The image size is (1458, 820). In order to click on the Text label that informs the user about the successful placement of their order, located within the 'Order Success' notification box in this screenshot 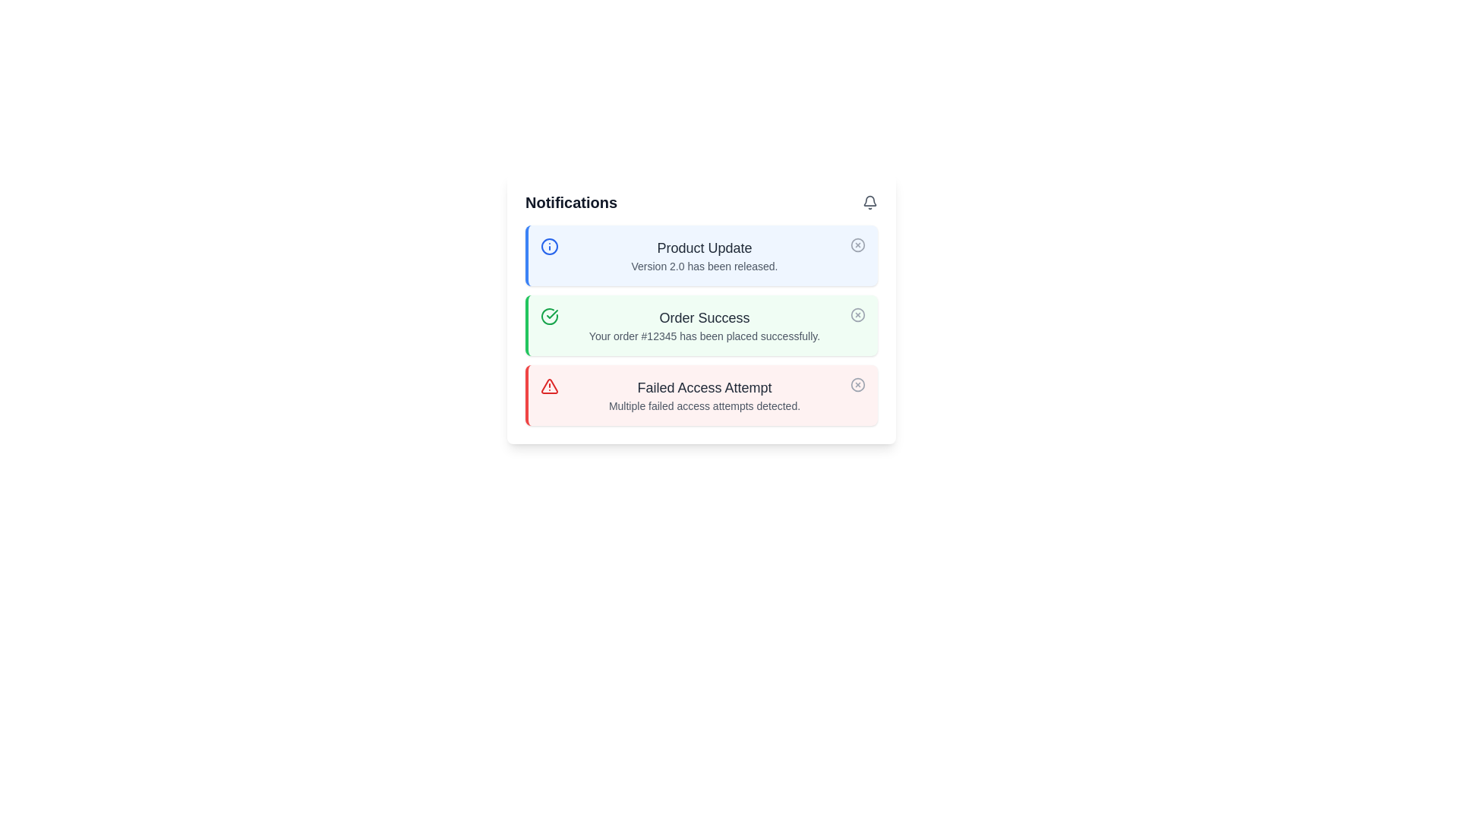, I will do `click(703, 336)`.